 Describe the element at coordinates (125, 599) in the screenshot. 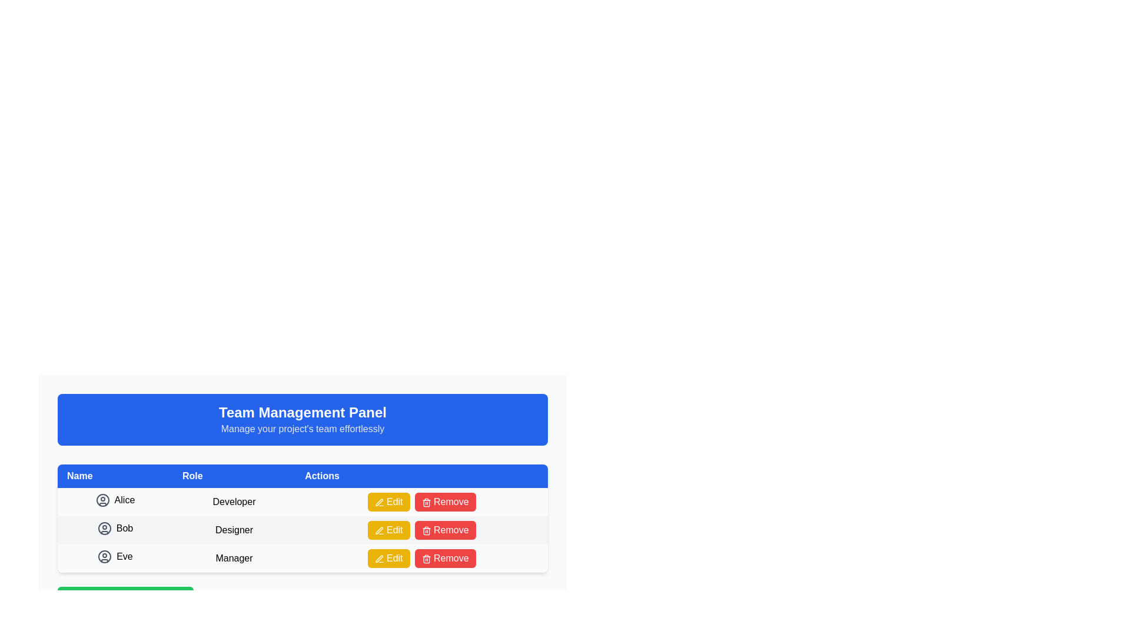

I see `the button that allows the user to add a new team member, which may open a form or dialog for providing new member details` at that location.